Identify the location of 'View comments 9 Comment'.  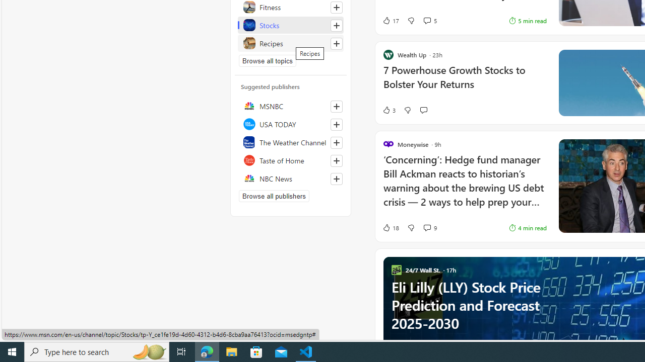
(427, 227).